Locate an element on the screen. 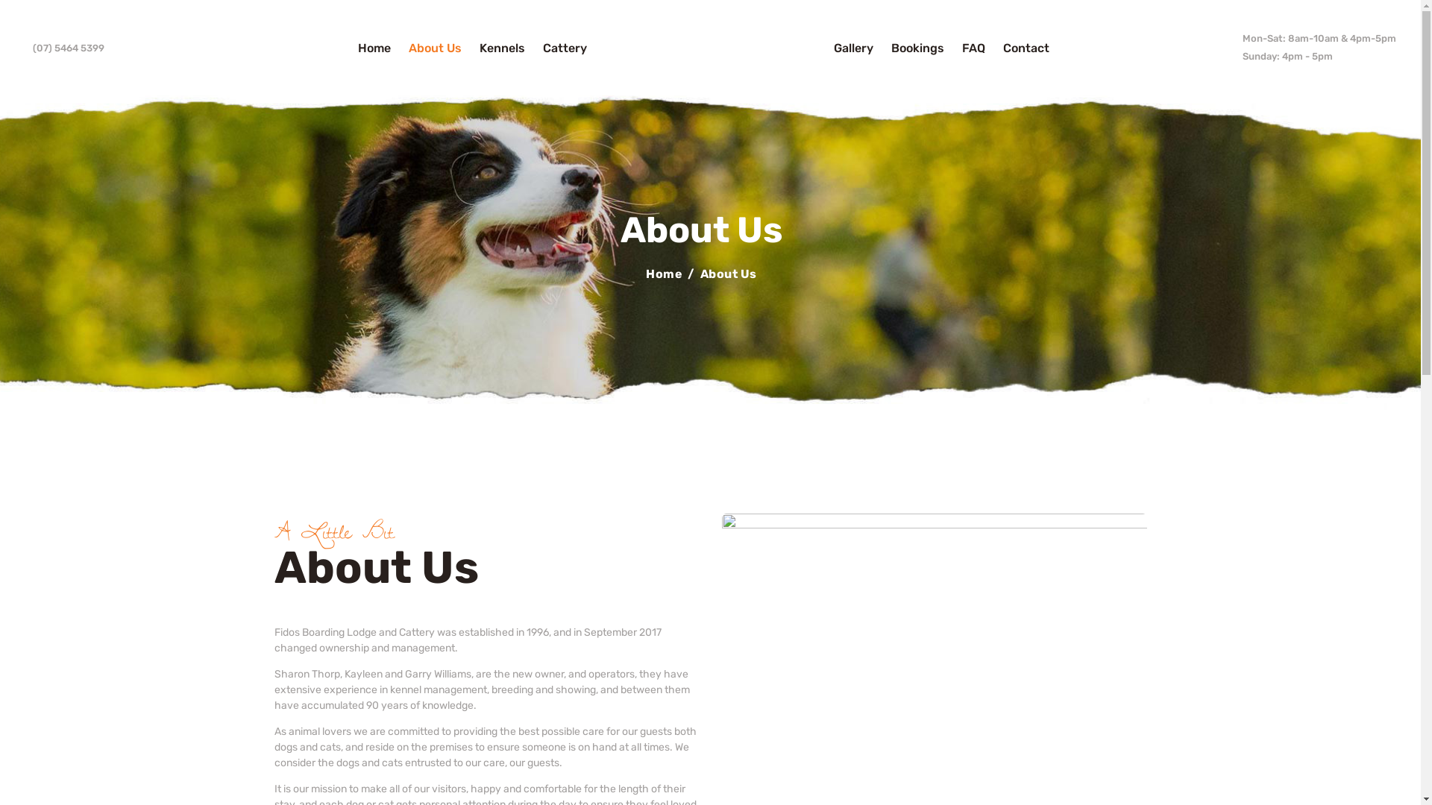 Image resolution: width=1432 pixels, height=805 pixels. 'Contact' is located at coordinates (1026, 47).